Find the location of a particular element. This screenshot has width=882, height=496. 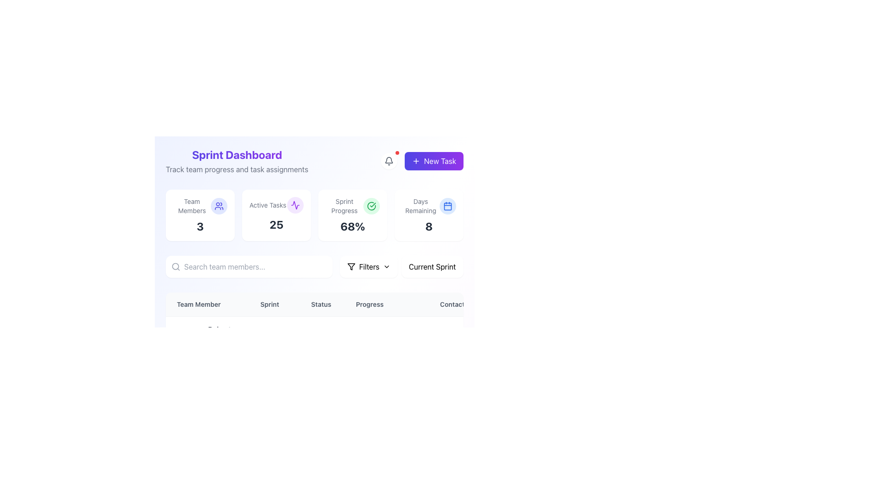

the static text displaying the count of active tasks, specifically the bold number '25', located under the 'Active Tasks' label in the second column of the sprint dashboard is located at coordinates (276, 225).